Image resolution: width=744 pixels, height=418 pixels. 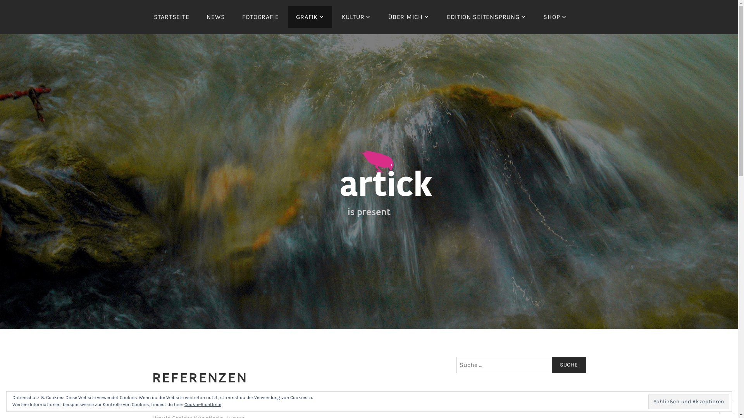 What do you see at coordinates (554, 17) in the screenshot?
I see `'SHOP'` at bounding box center [554, 17].